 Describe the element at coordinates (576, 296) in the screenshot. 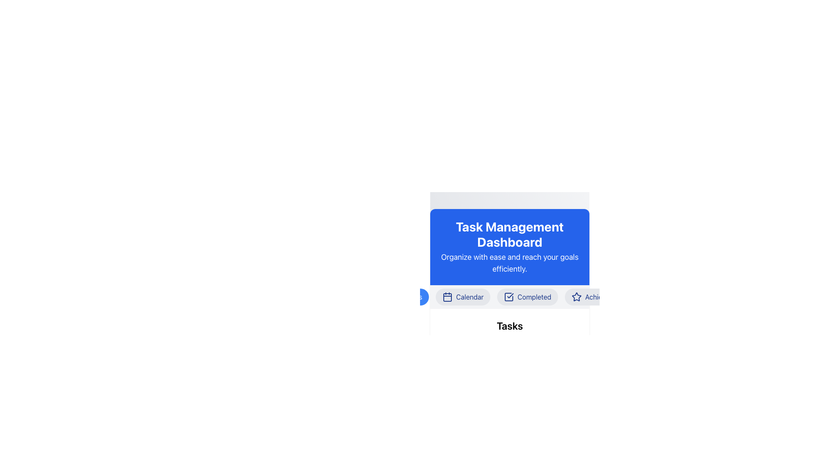

I see `the star icon with a blue outline located to the far right of the interactive icons under 'Task Management Dashboard'` at that location.